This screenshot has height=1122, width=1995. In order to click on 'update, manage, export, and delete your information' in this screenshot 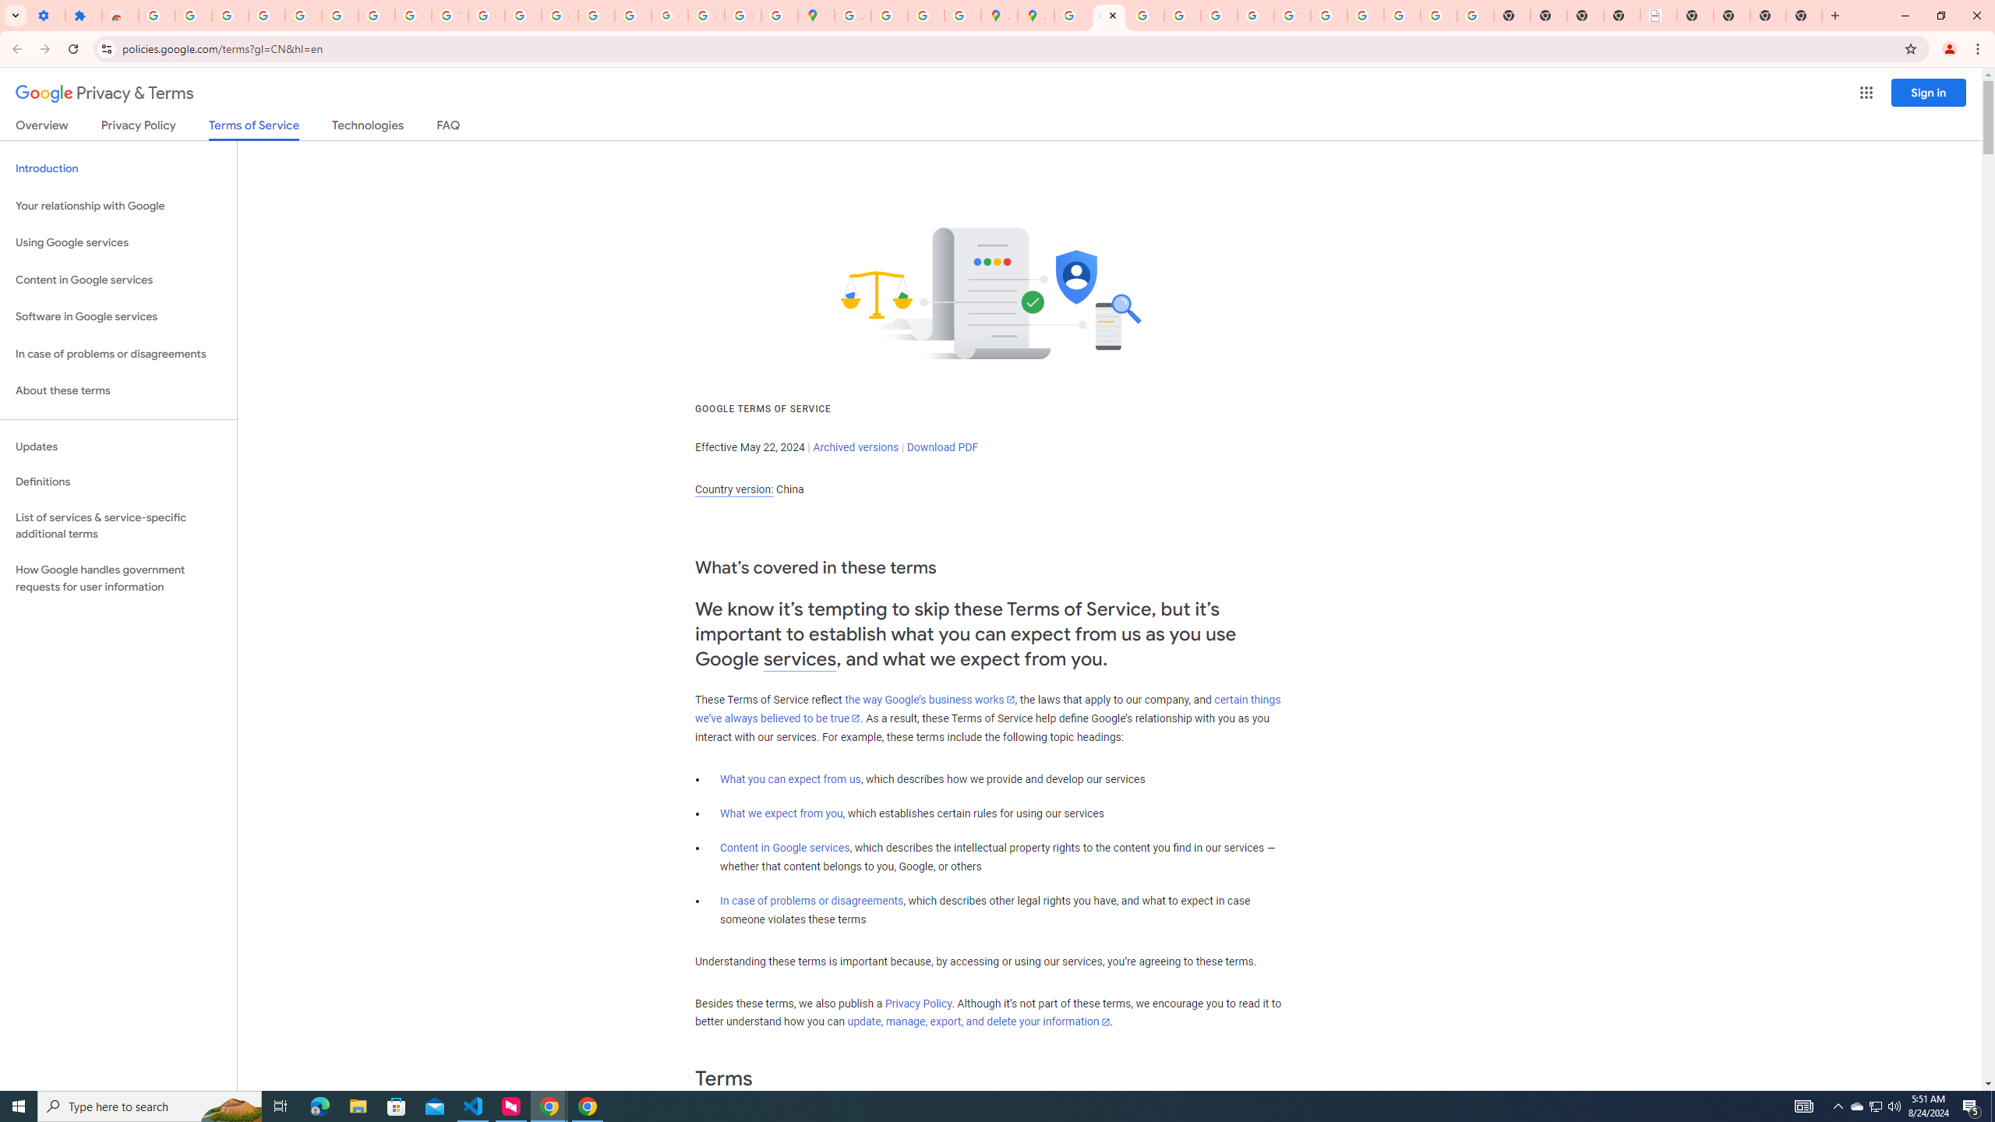, I will do `click(978, 1021)`.